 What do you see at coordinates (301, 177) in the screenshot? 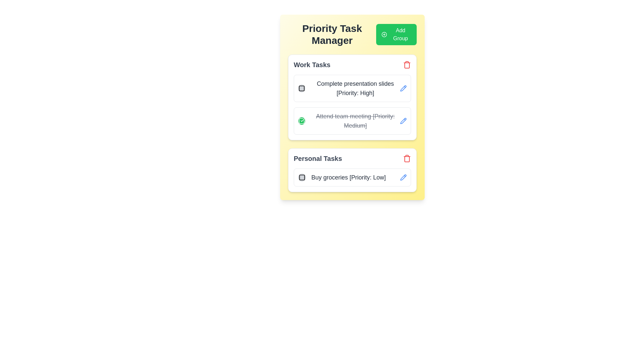
I see `the Checkbox or task state icon next to the task 'Buy groceries [Priority: Low]' in the Personal Tasks section to interact with it` at bounding box center [301, 177].